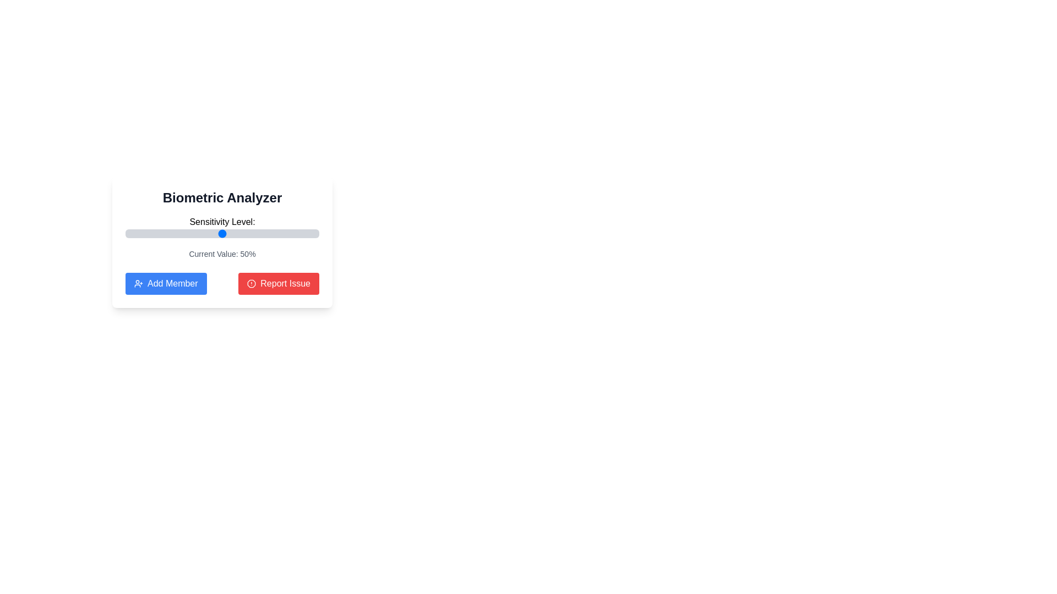 Image resolution: width=1057 pixels, height=594 pixels. What do you see at coordinates (310, 233) in the screenshot?
I see `the sensitivity level` at bounding box center [310, 233].